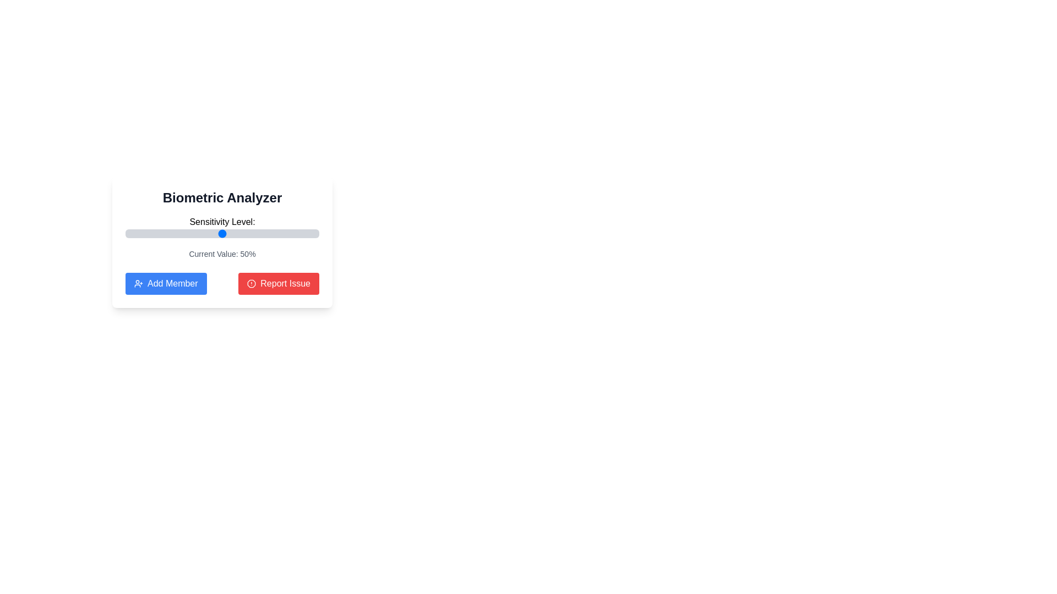 Image resolution: width=1057 pixels, height=594 pixels. What do you see at coordinates (310, 233) in the screenshot?
I see `the sensitivity level` at bounding box center [310, 233].